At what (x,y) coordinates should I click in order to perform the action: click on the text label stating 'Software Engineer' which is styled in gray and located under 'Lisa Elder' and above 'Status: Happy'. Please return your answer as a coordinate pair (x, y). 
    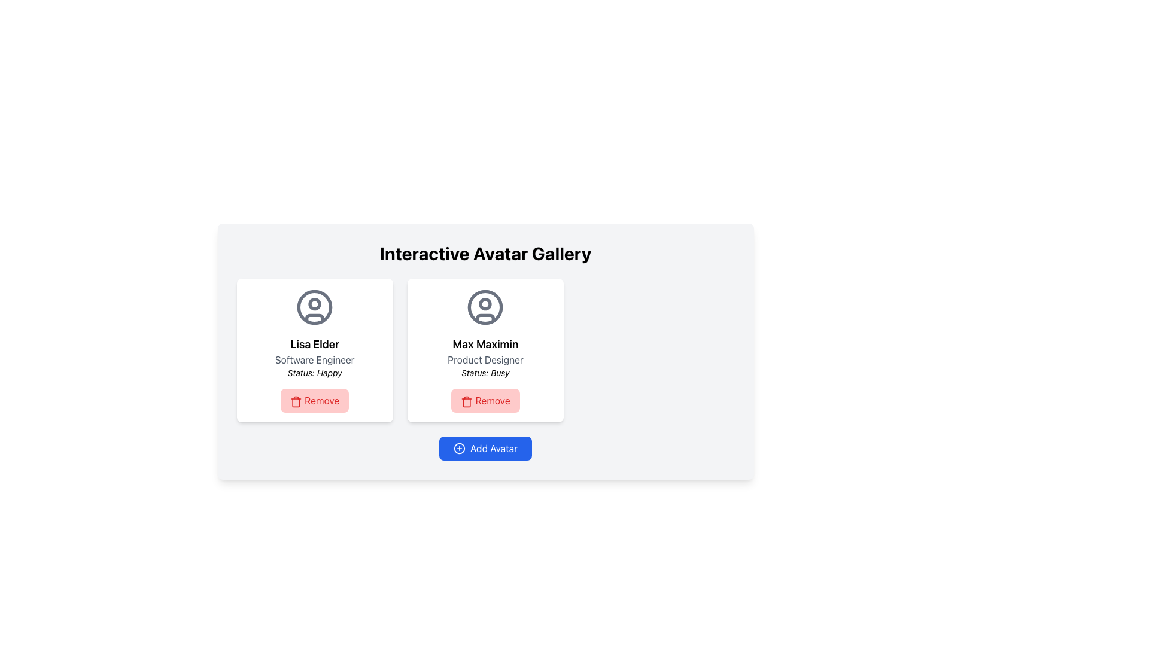
    Looking at the image, I should click on (315, 359).